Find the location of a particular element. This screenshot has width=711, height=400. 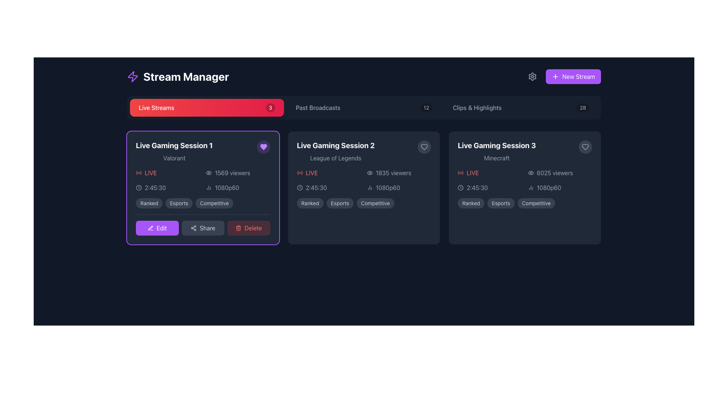

the heart-shaped icon indicating 'like' or 'favorite' for 'Live Gaming Session 2' is located at coordinates (263, 147).